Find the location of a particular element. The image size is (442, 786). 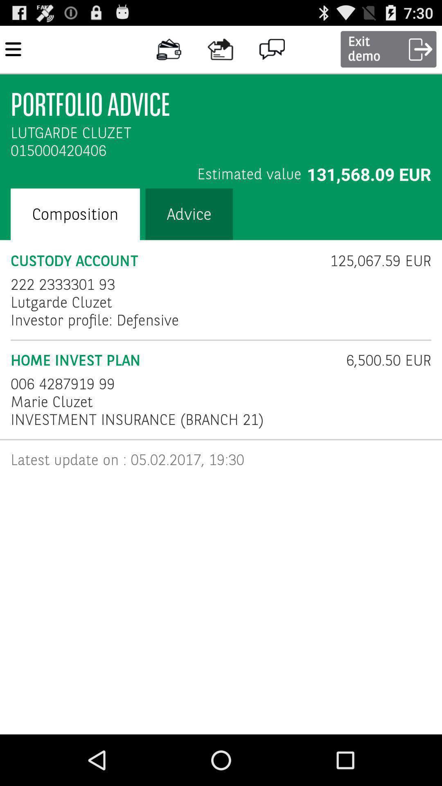

222 2333301 93 checkbox is located at coordinates (62, 285).